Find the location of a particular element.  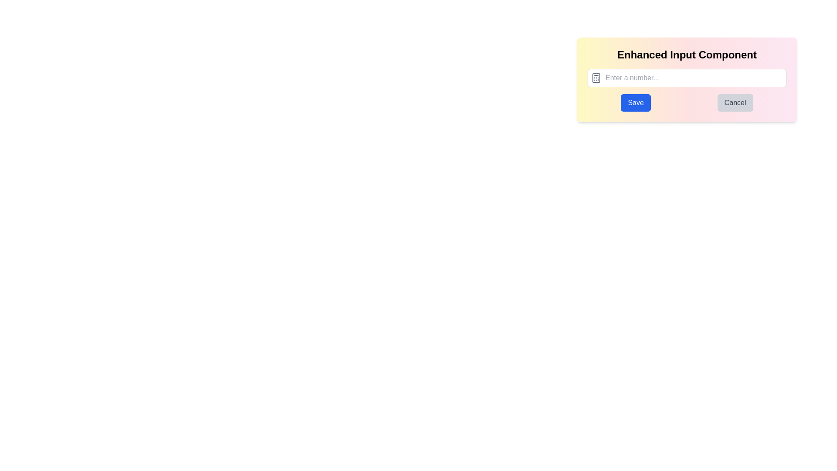

the decorative icon located to the immediate left of the text input area within the 'Enhanced Input Component' is located at coordinates (596, 77).